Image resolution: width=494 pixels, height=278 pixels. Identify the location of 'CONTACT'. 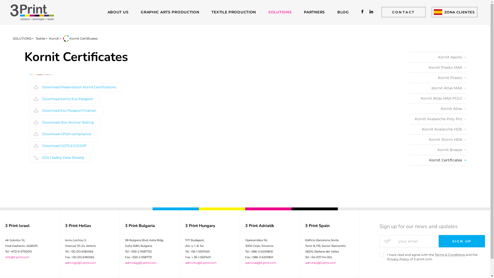
(382, 12).